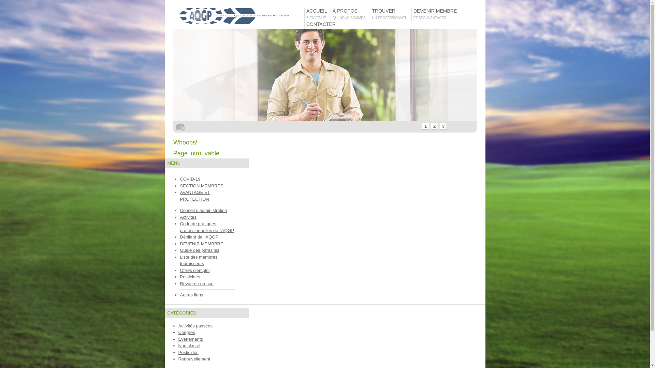 The width and height of the screenshot is (655, 368). Describe the element at coordinates (425, 126) in the screenshot. I see `'1'` at that location.